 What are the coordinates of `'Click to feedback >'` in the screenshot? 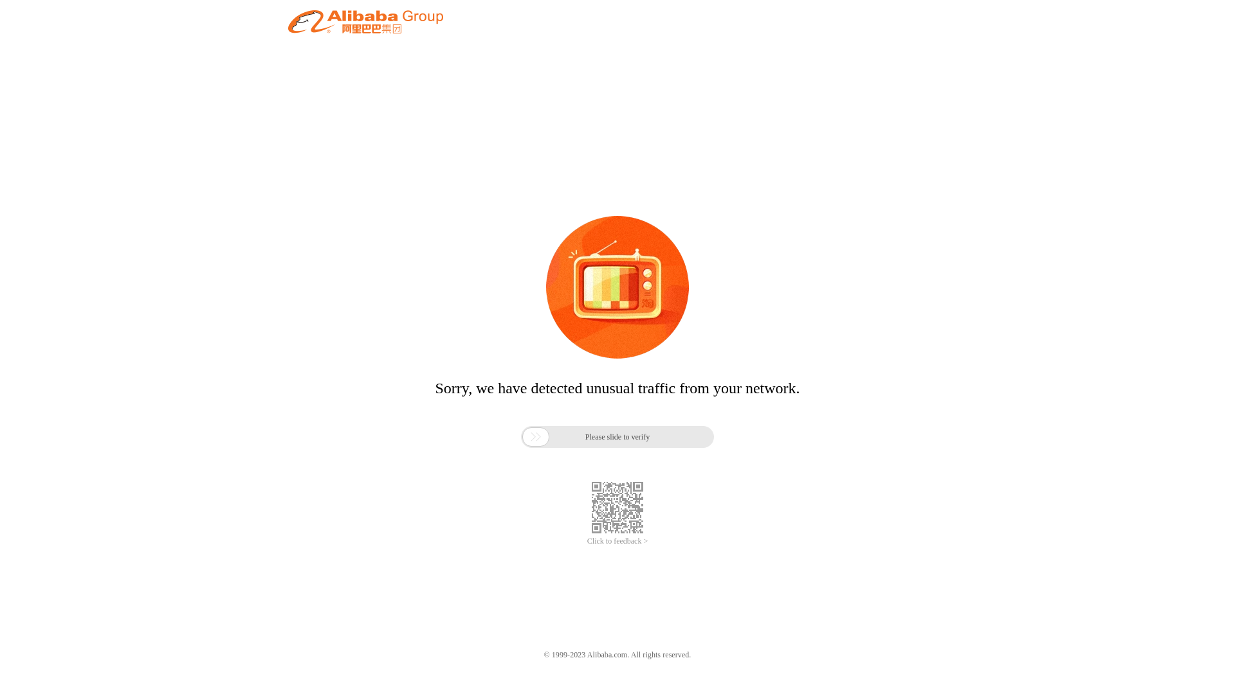 It's located at (617, 541).